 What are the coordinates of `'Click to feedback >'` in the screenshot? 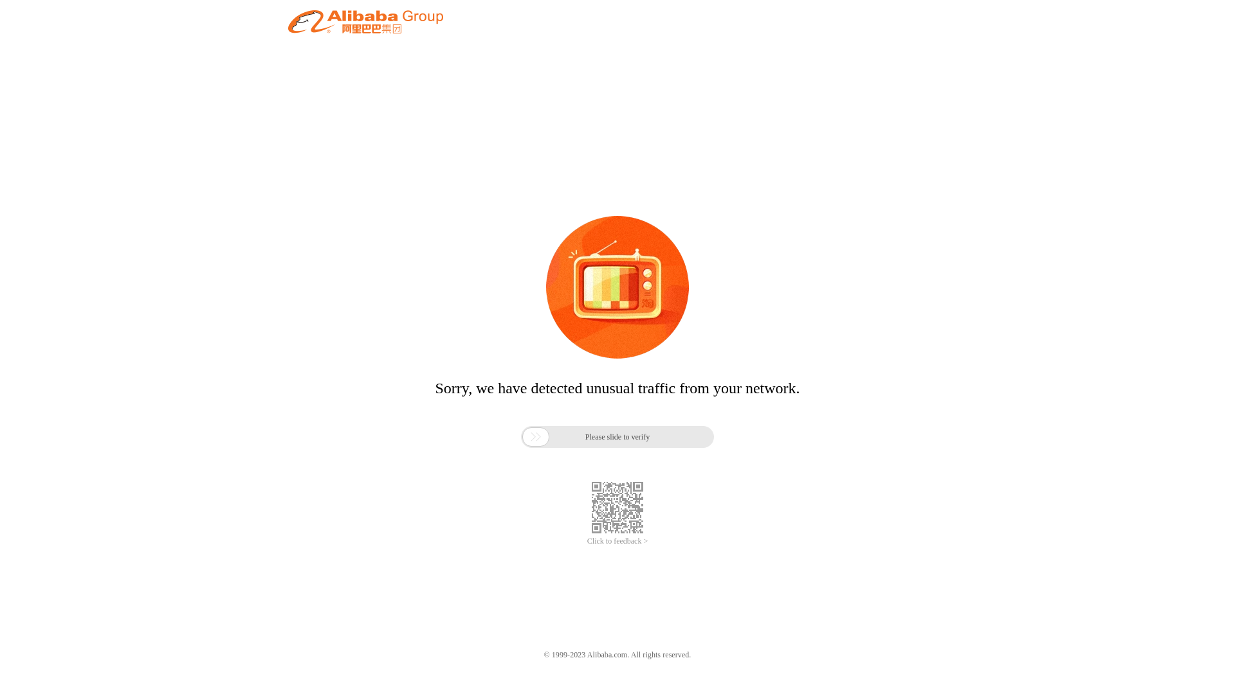 It's located at (617, 541).